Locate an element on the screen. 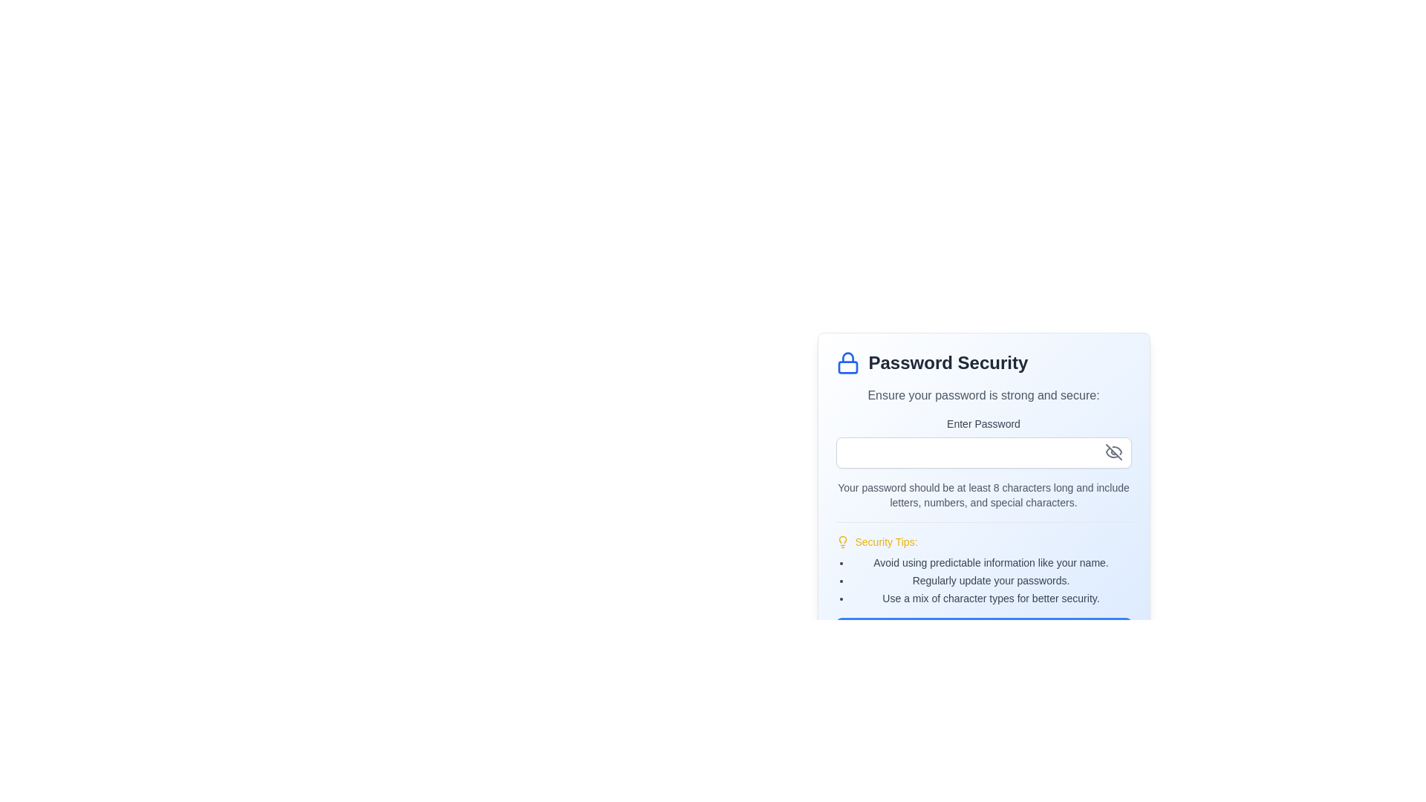  password security tip from the second item in the bulleted list under the 'Security Tips' section and implement the advice provided is located at coordinates (991, 580).